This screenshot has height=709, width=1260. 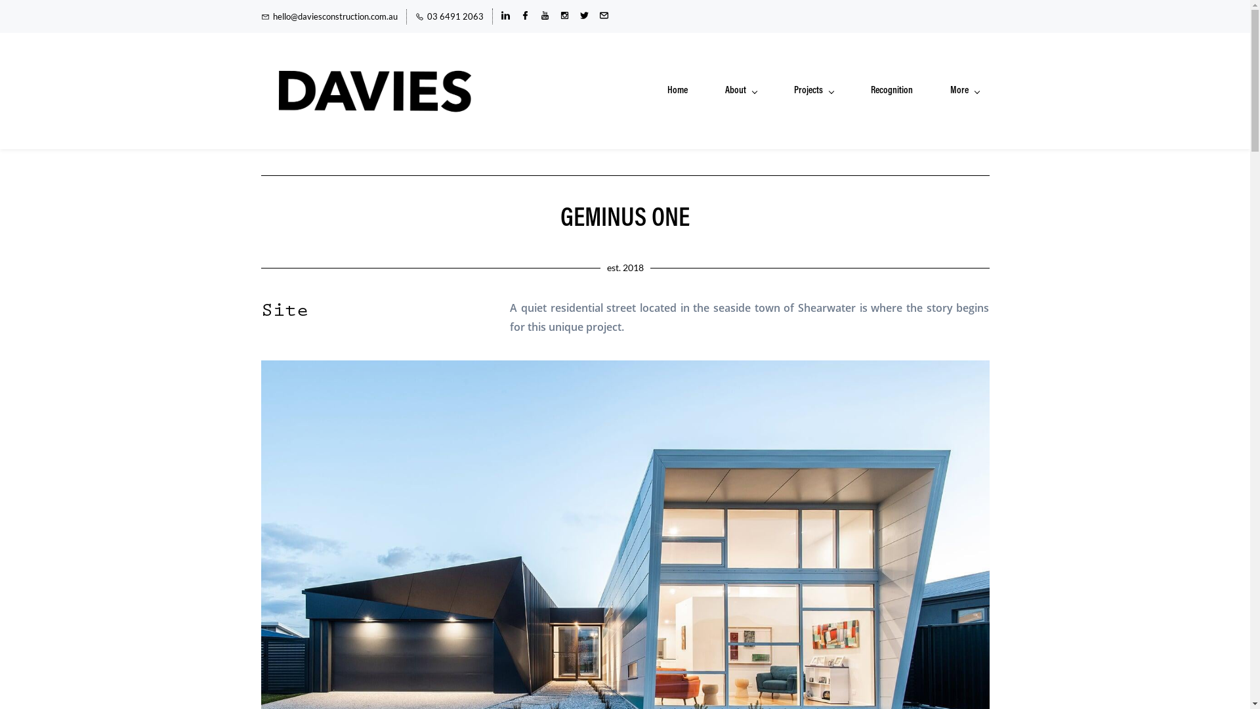 What do you see at coordinates (677, 90) in the screenshot?
I see `'Home'` at bounding box center [677, 90].